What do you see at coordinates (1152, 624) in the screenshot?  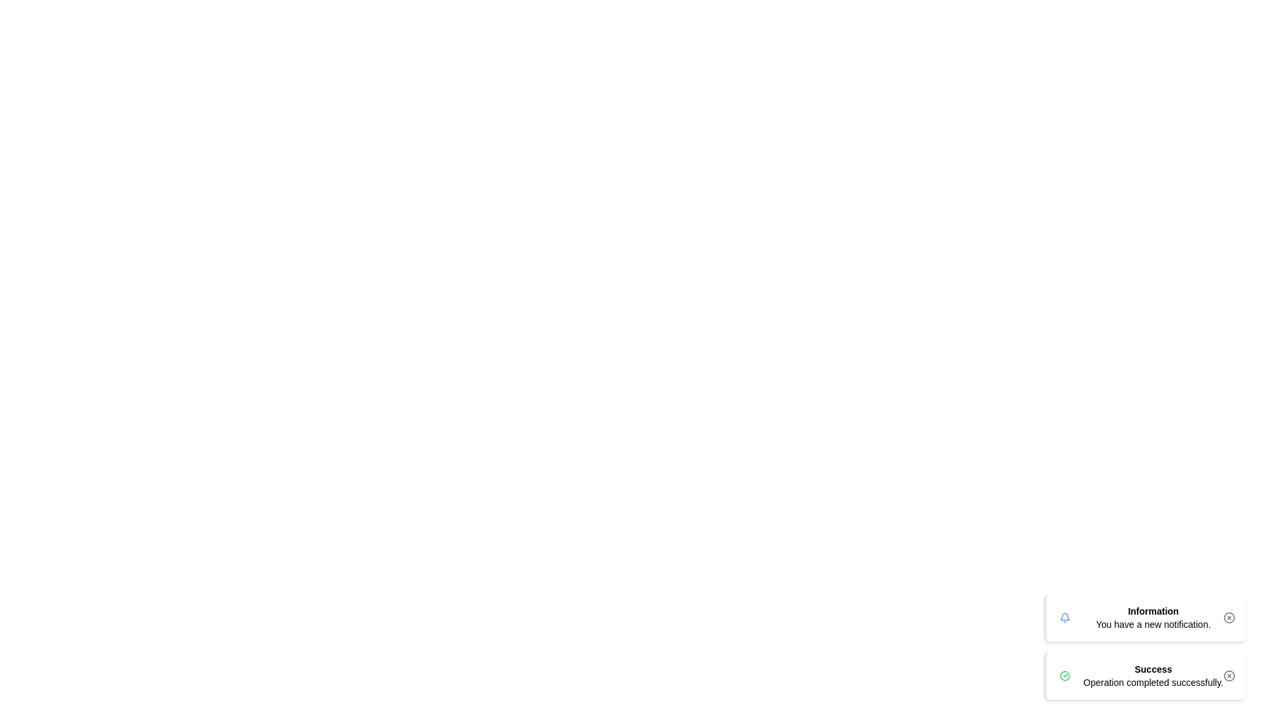 I see `the text label that displays 'You have a new notification.' which is positioned below the bolded word 'Information'` at bounding box center [1152, 624].